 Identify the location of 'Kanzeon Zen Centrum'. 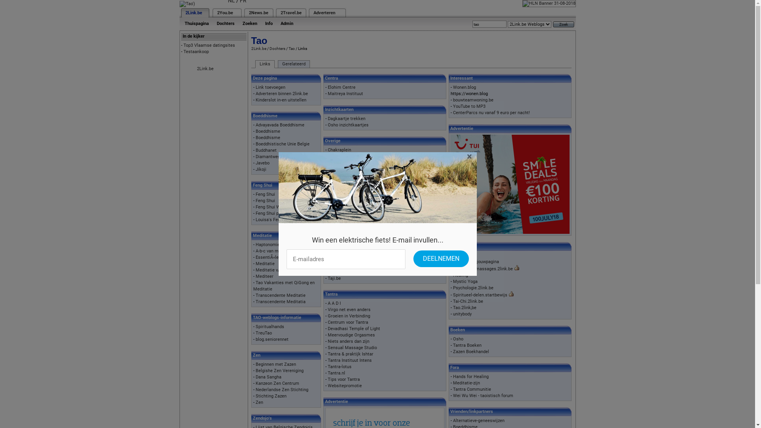
(277, 383).